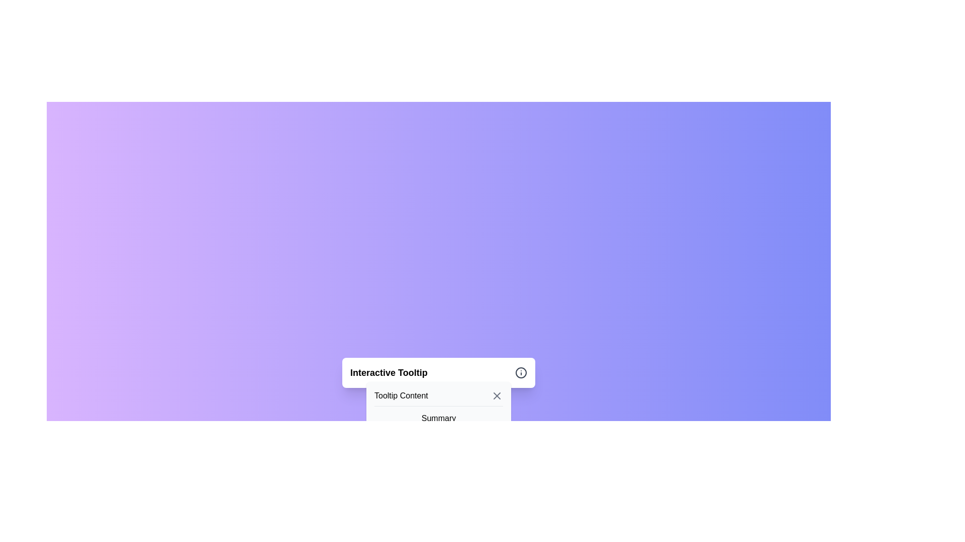 The width and height of the screenshot is (965, 542). What do you see at coordinates (439, 424) in the screenshot?
I see `the 'Summary' text label located directly below the 'Tooltip Content' label to focus or activate the related content` at bounding box center [439, 424].